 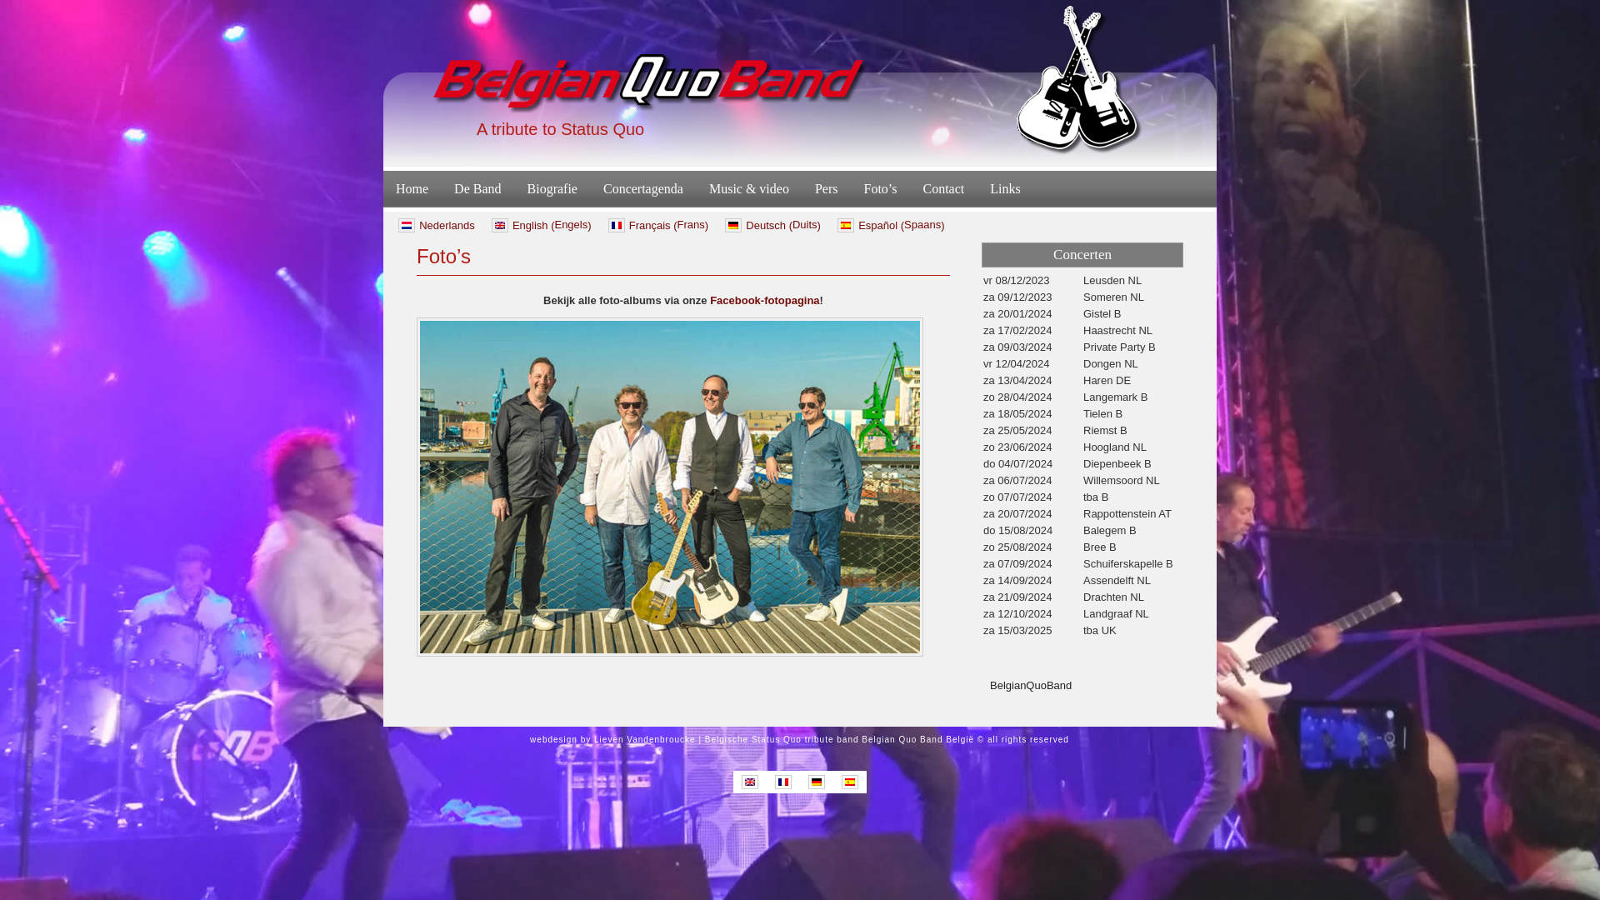 I want to click on 'De Band', so click(x=441, y=188).